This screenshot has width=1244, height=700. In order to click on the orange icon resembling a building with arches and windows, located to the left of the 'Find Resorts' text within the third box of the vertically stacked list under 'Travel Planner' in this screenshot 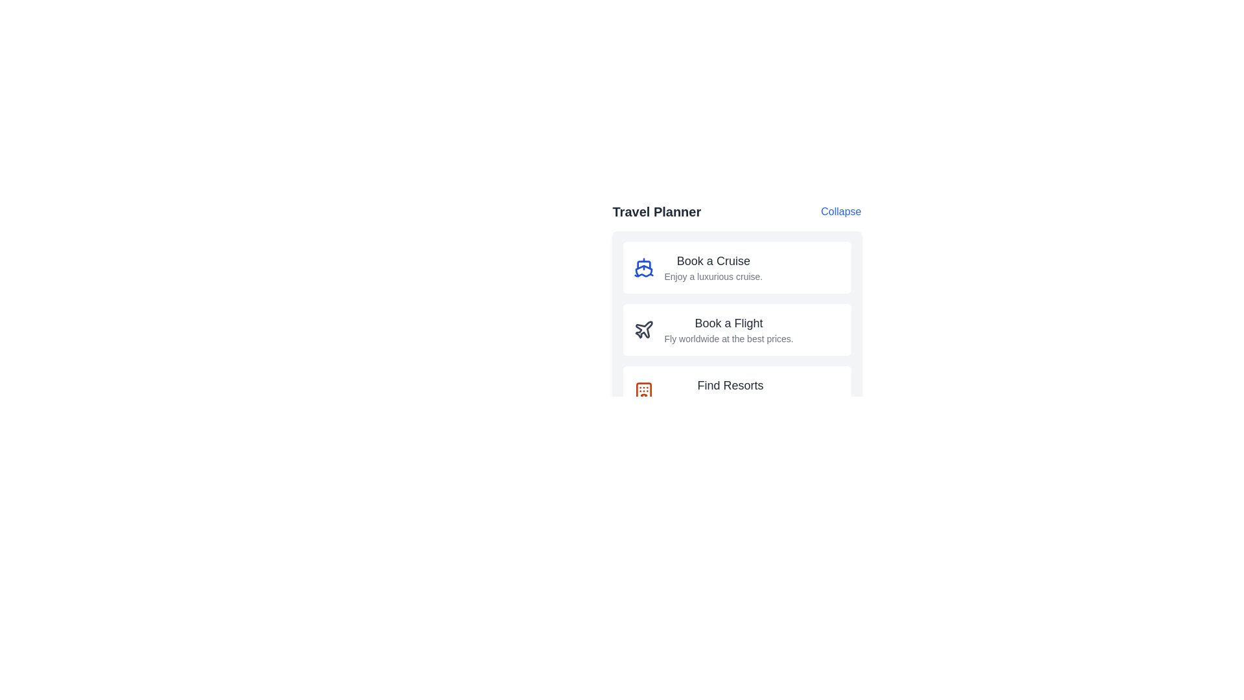, I will do `click(643, 391)`.